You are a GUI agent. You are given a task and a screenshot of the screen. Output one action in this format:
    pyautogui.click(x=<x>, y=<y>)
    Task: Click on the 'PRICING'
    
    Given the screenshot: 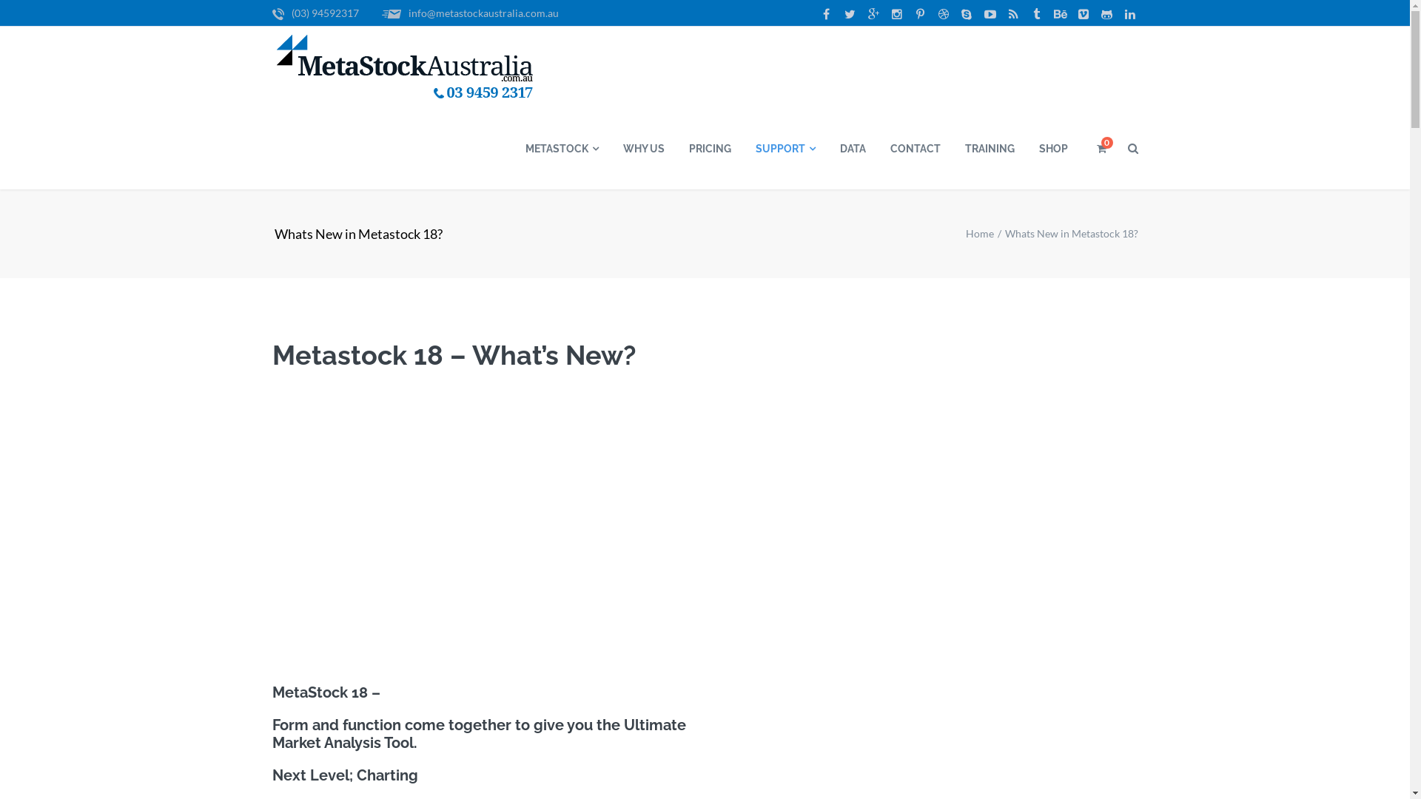 What is the action you would take?
    pyautogui.click(x=709, y=148)
    